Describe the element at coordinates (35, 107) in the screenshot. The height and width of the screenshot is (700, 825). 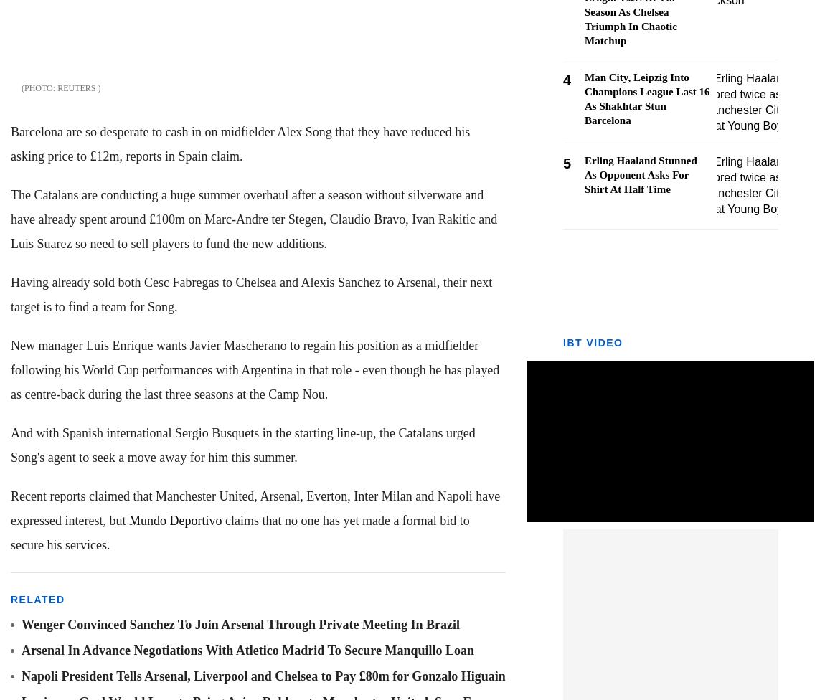
I see `'Technology'` at that location.